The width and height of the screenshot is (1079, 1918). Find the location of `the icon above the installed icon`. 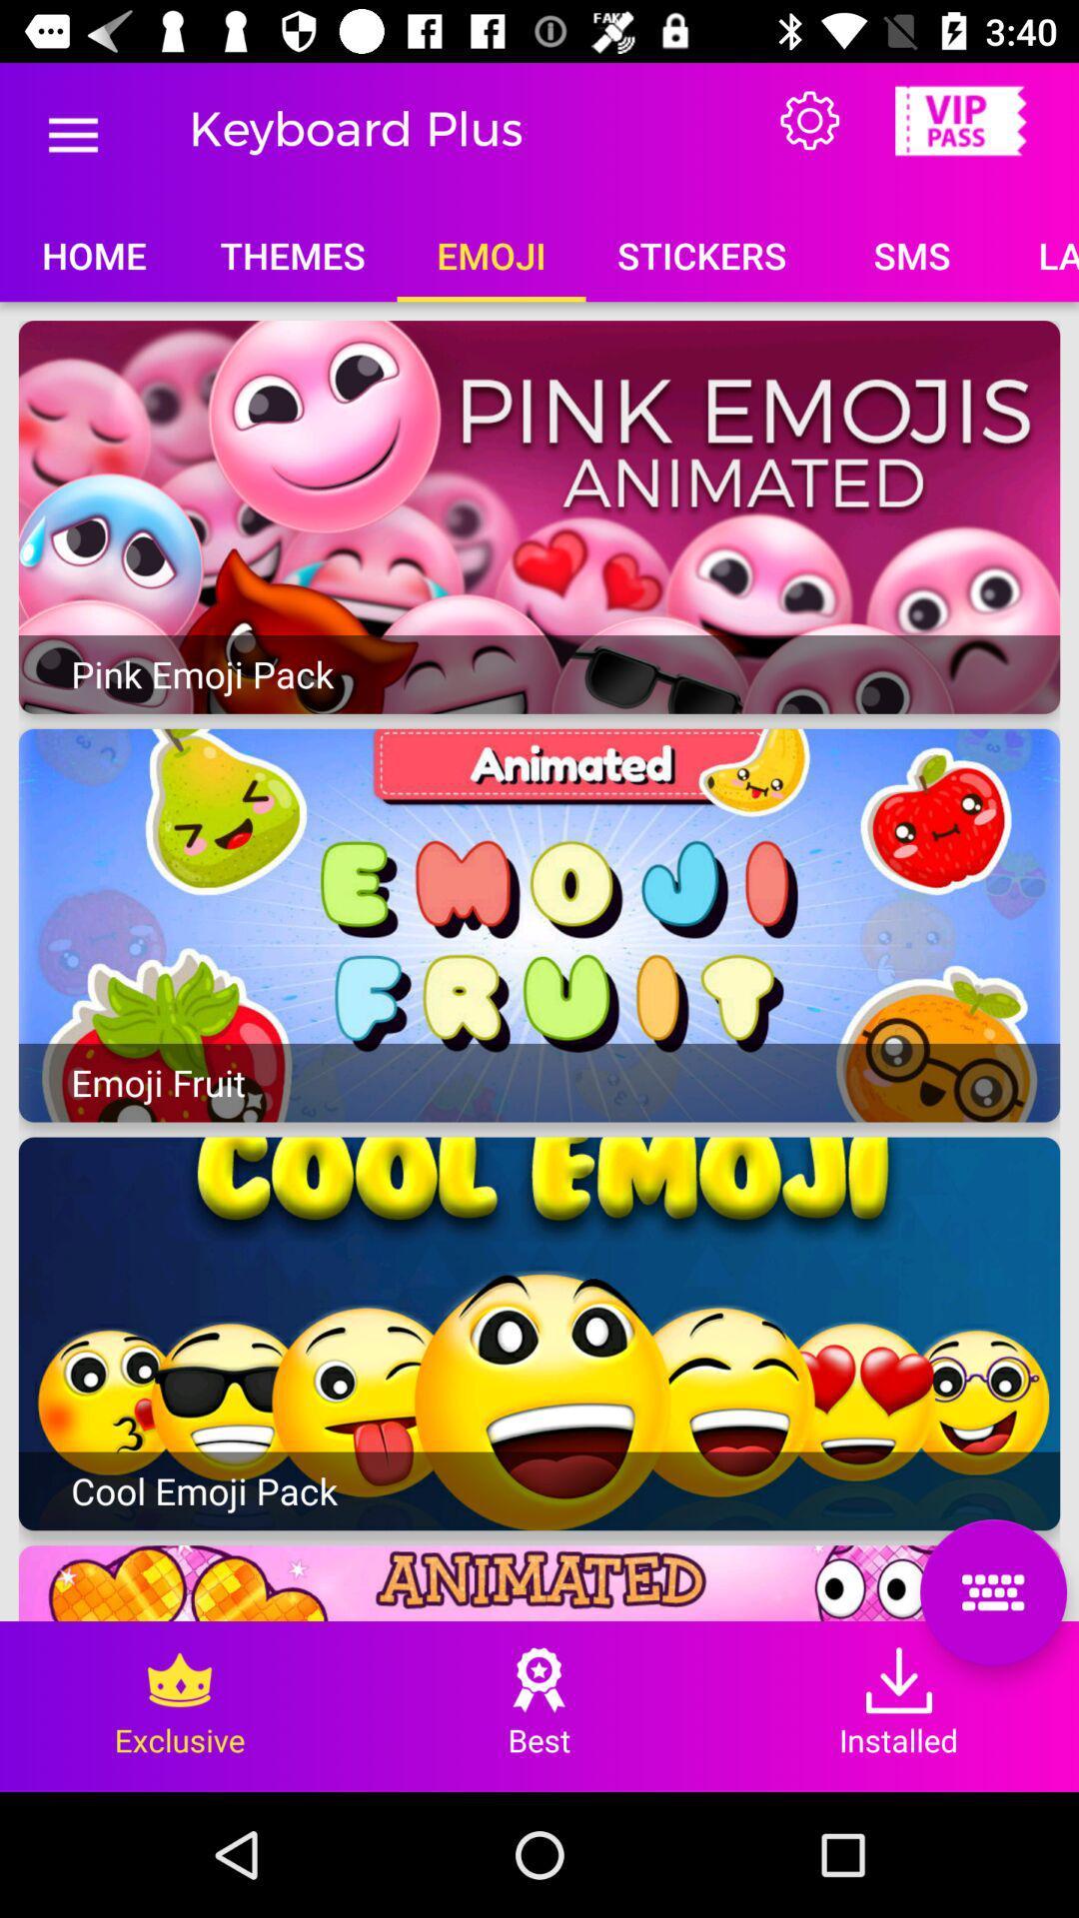

the icon above the installed icon is located at coordinates (993, 1591).